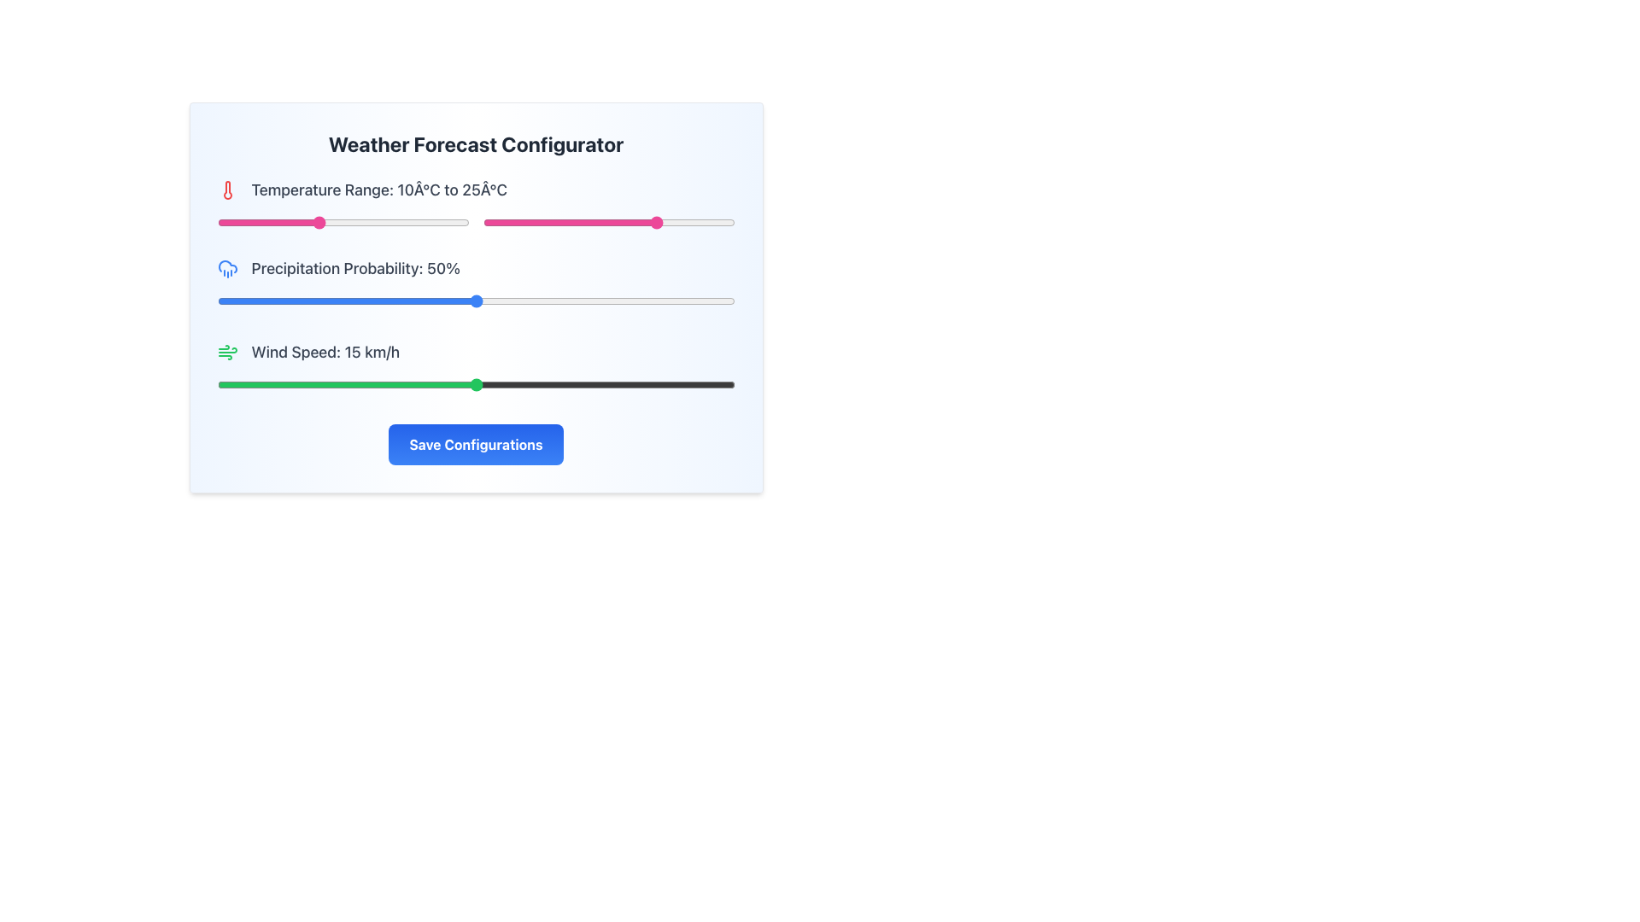  What do you see at coordinates (382, 301) in the screenshot?
I see `the precipitation probability` at bounding box center [382, 301].